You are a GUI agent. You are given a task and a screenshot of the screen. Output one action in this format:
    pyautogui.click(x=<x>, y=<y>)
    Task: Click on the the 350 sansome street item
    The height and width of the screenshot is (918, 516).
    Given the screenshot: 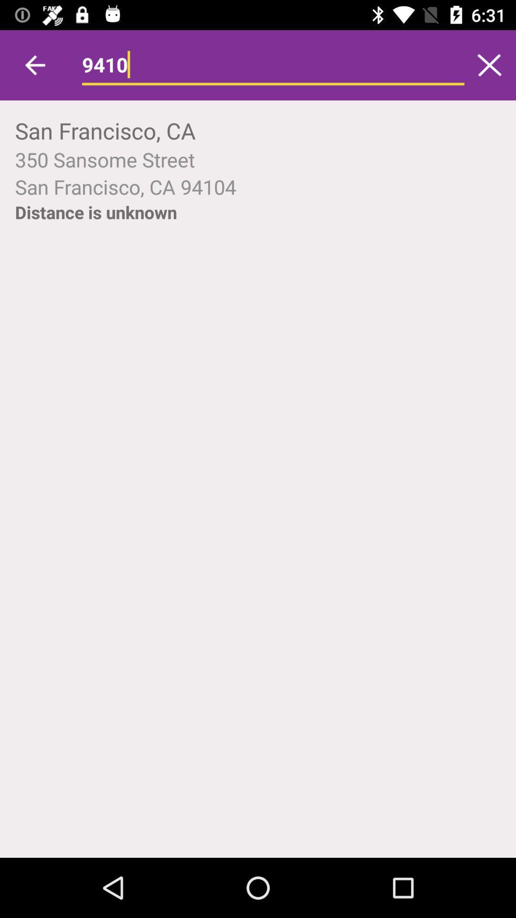 What is the action you would take?
    pyautogui.click(x=258, y=159)
    